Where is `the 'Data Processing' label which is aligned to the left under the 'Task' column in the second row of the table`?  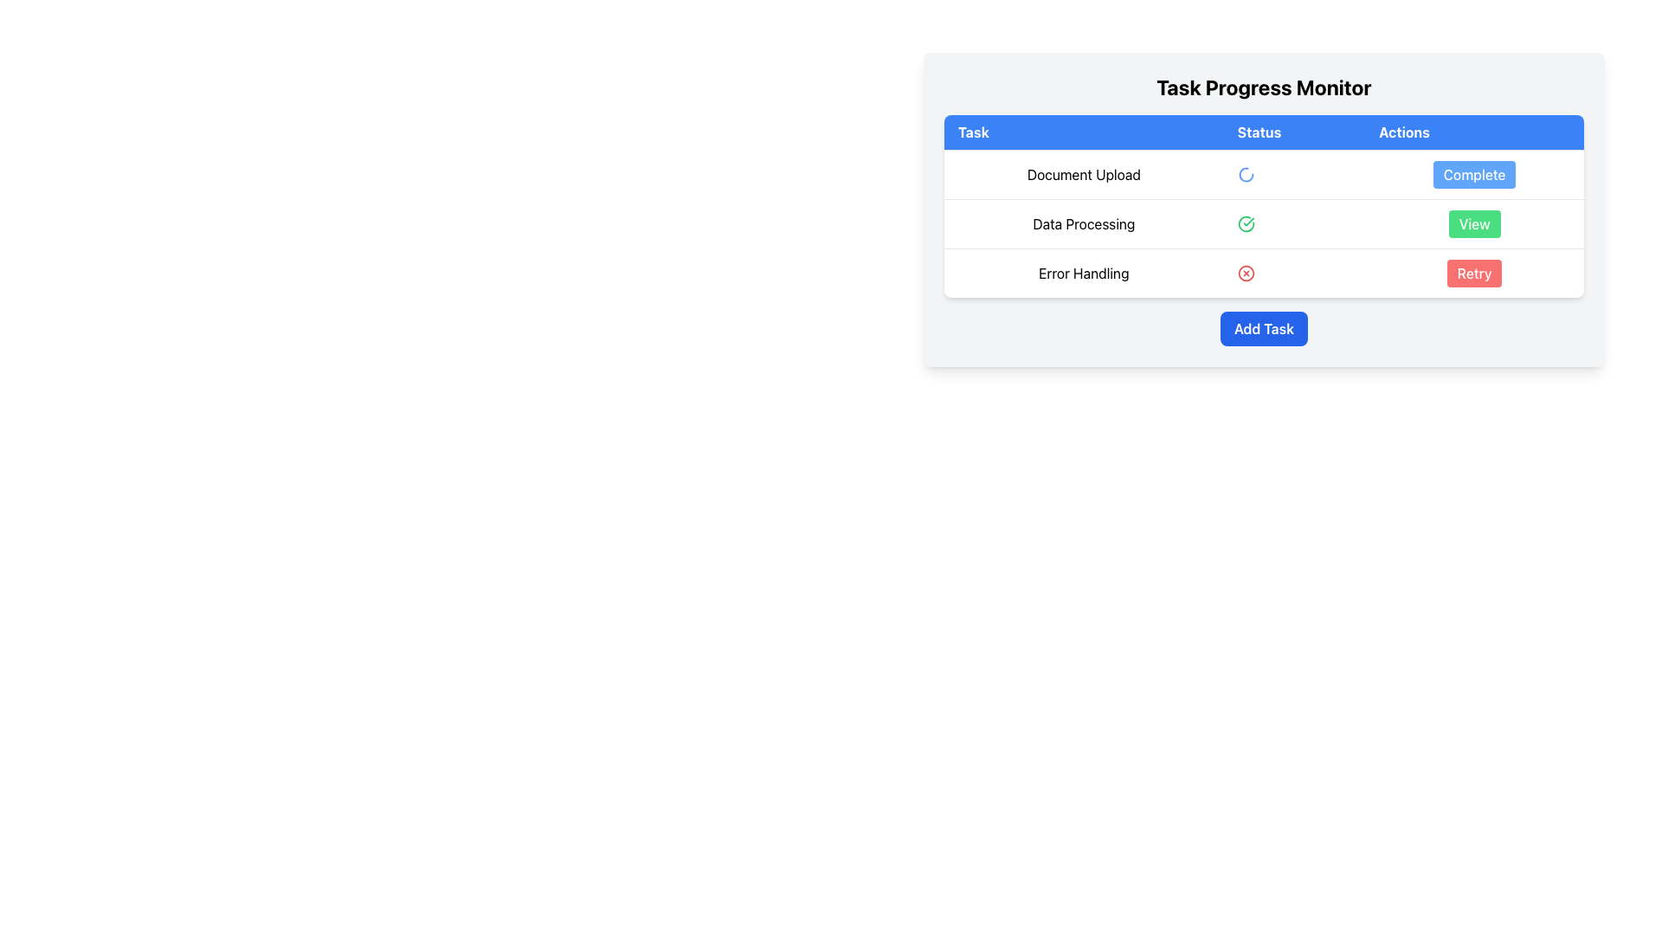 the 'Data Processing' label which is aligned to the left under the 'Task' column in the second row of the table is located at coordinates (1083, 222).